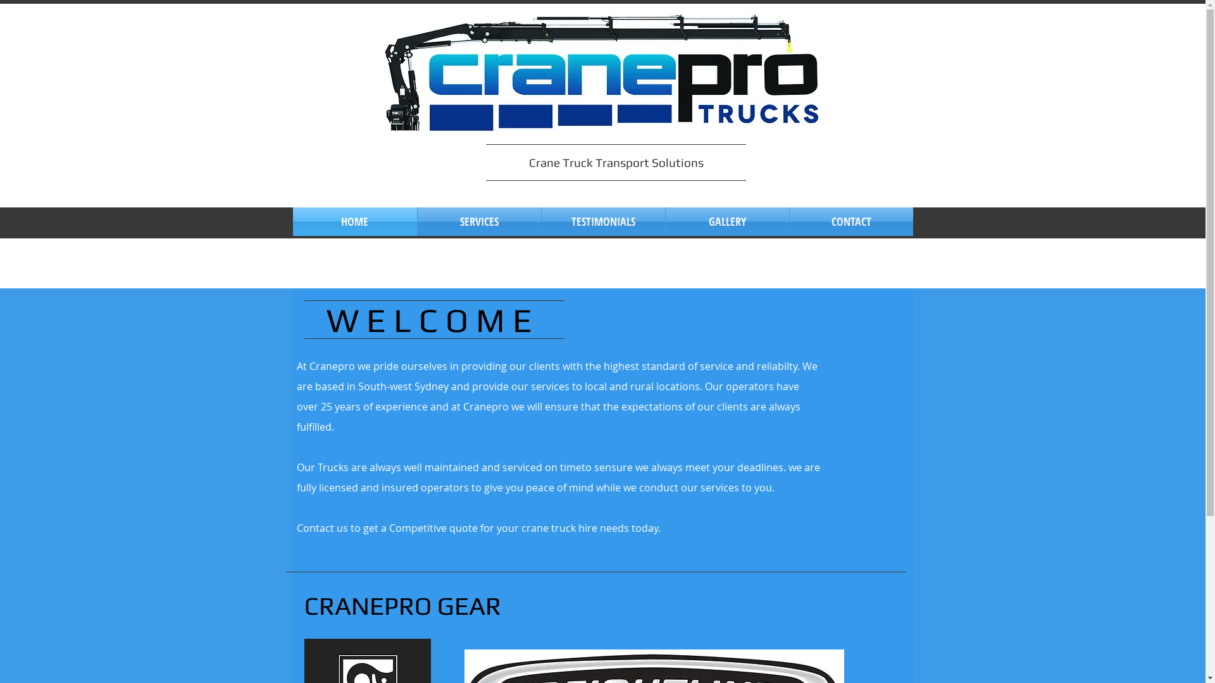  Describe the element at coordinates (851, 221) in the screenshot. I see `'CONTACT'` at that location.